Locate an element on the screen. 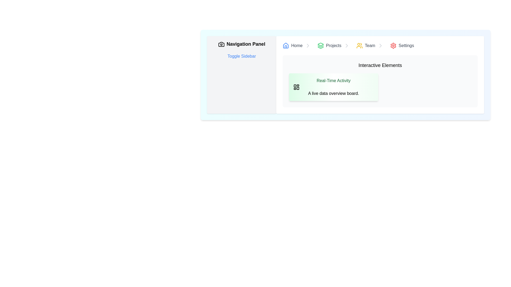 The image size is (511, 287). the icon in the top navigation bar between the 'Projects' and 'Settings' links is located at coordinates (359, 45).